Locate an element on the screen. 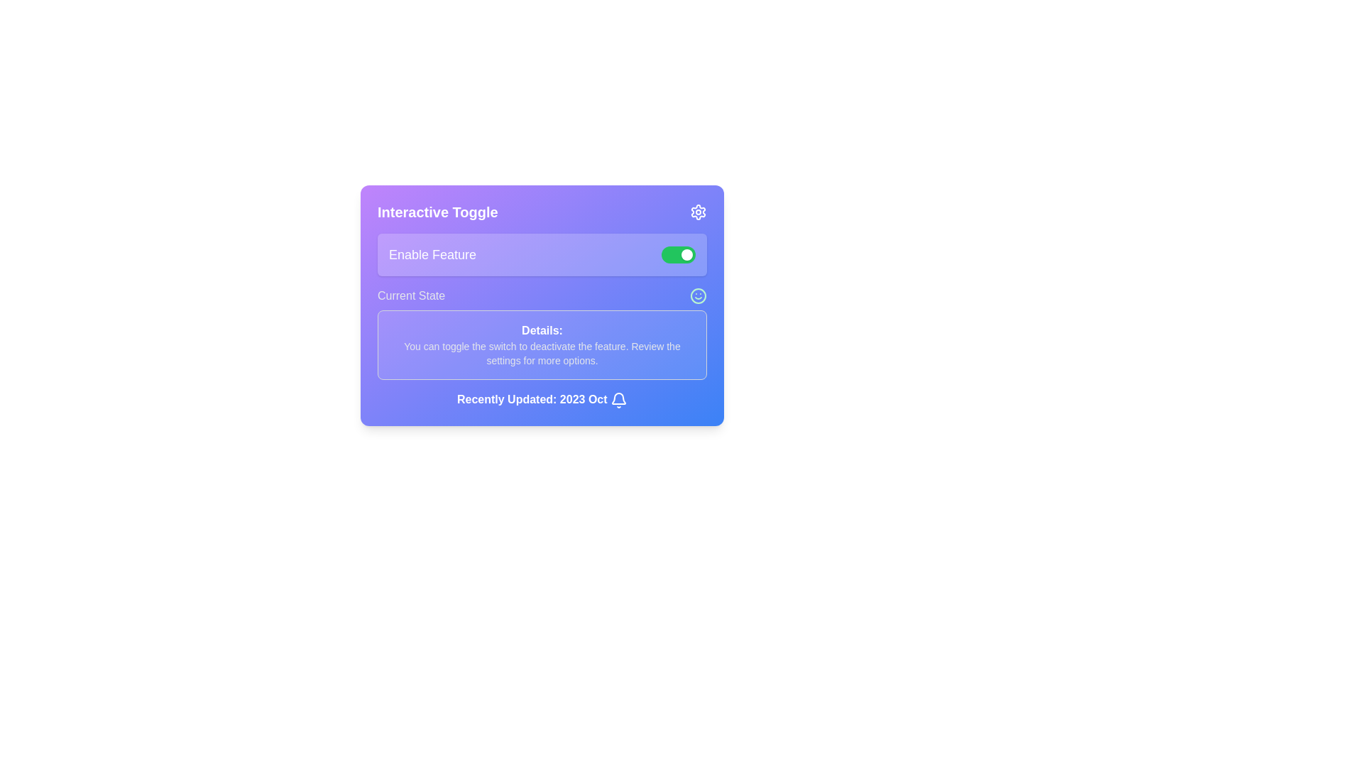 The image size is (1363, 767). the bell icon representing notifications, located at the far right of the 'Recently Updated' text within the 'Interactive Toggle' card section is located at coordinates (619, 400).